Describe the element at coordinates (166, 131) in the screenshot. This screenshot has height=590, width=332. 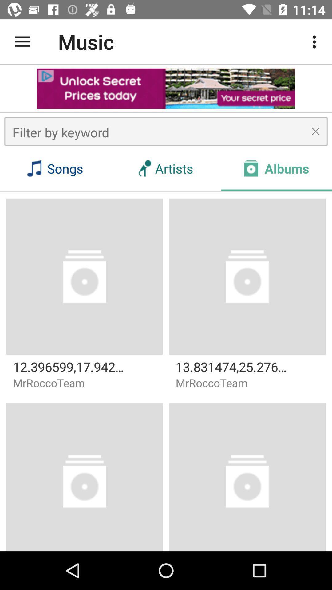
I see `search` at that location.